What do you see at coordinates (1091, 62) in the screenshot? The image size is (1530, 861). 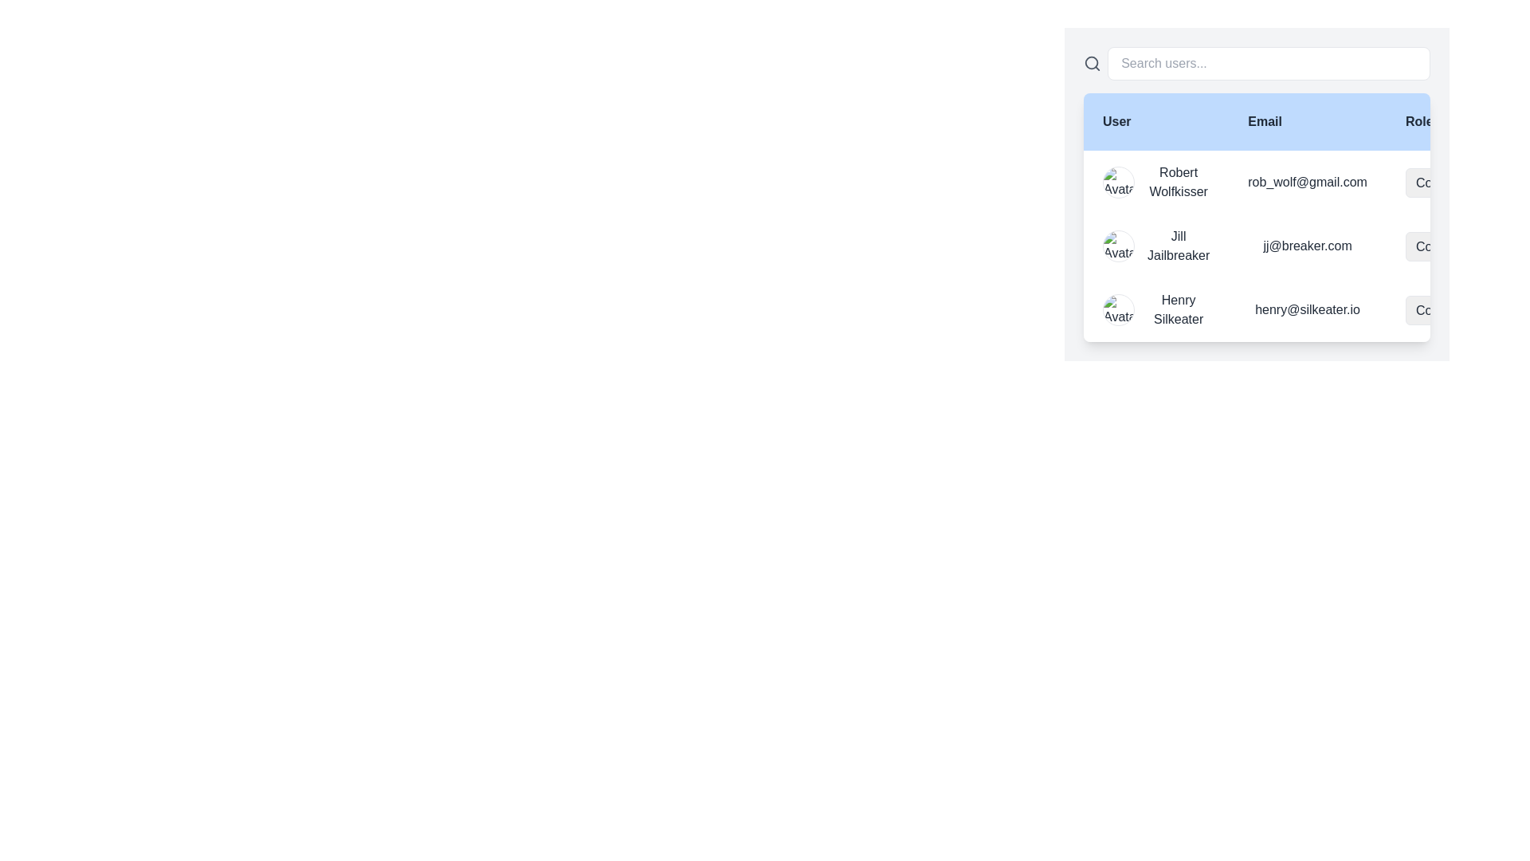 I see `the small circular icon with a stroke-width outline located inside the search icon component at the top-left corner of the search input field` at bounding box center [1091, 62].